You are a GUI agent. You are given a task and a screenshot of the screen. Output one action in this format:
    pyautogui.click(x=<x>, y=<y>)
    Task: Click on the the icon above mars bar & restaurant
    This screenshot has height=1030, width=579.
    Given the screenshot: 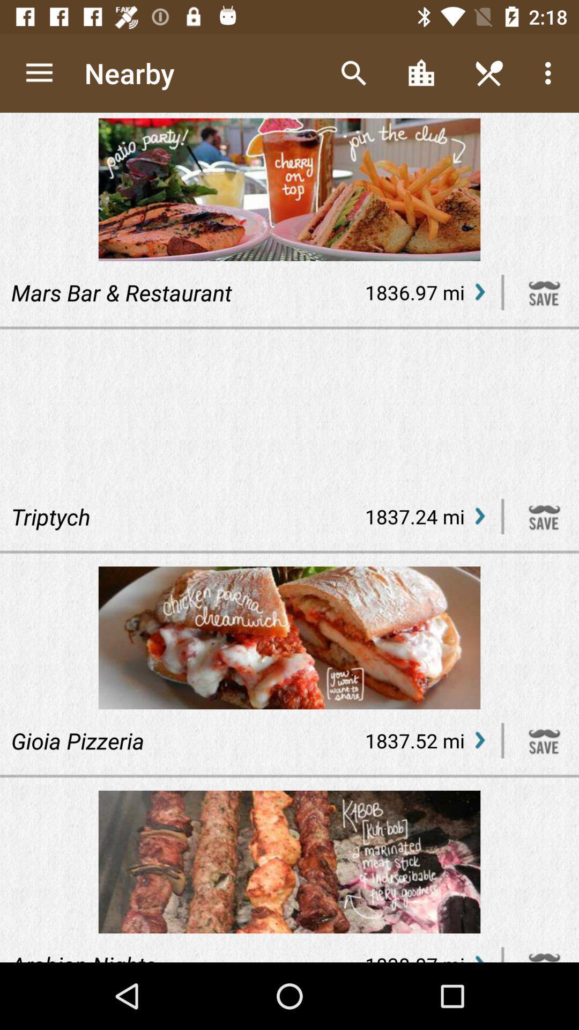 What is the action you would take?
    pyautogui.click(x=39, y=72)
    